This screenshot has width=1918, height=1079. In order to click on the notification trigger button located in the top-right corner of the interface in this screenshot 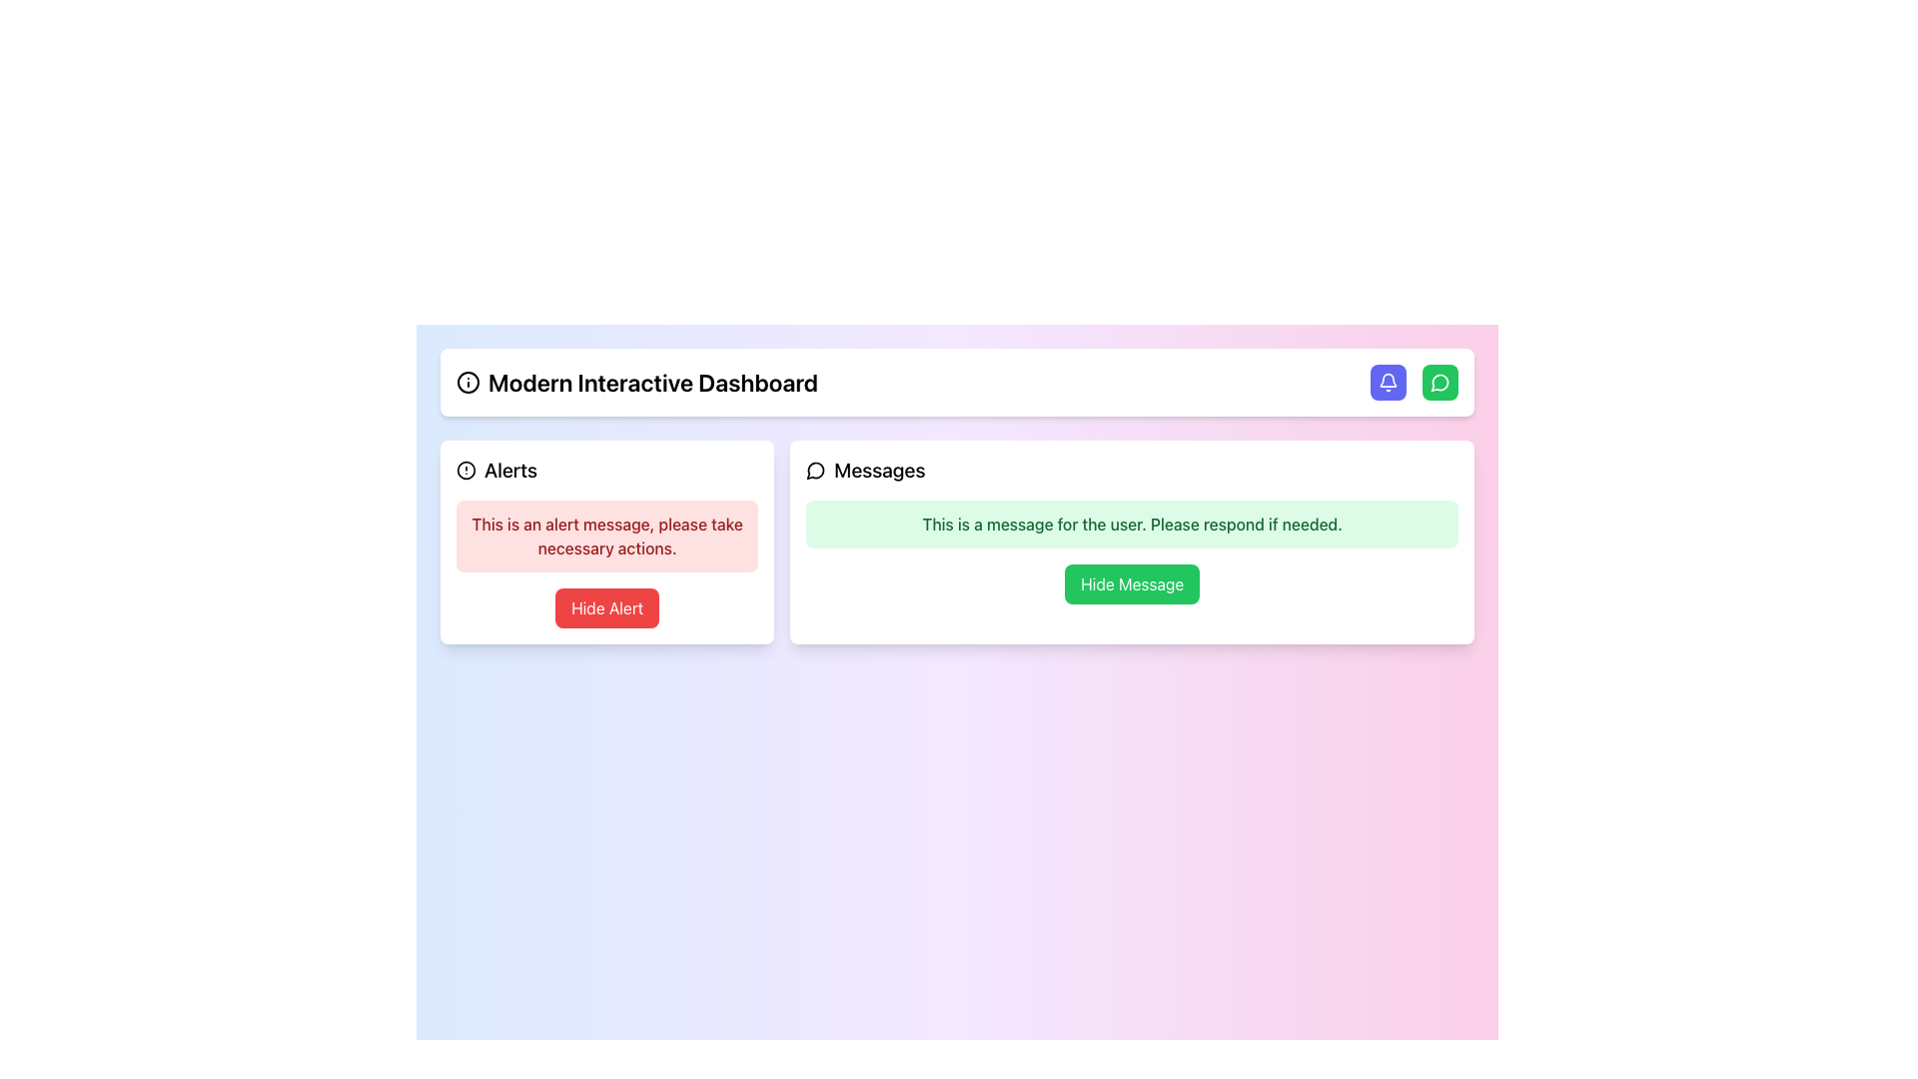, I will do `click(1388, 382)`.